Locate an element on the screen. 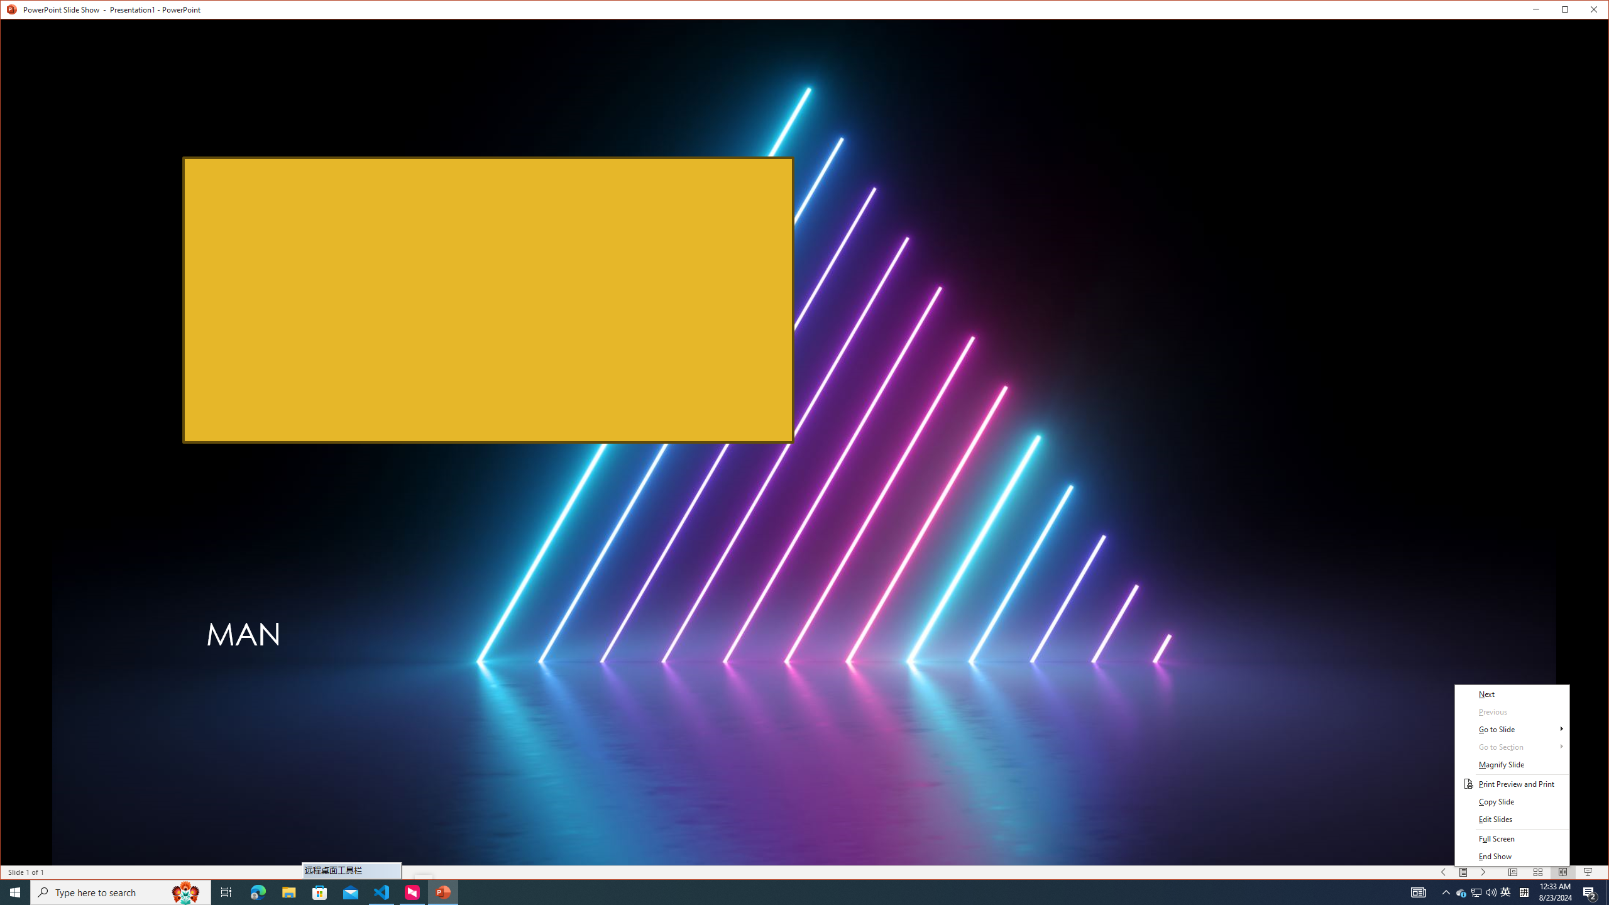  'Edit Slides' is located at coordinates (1512, 818).